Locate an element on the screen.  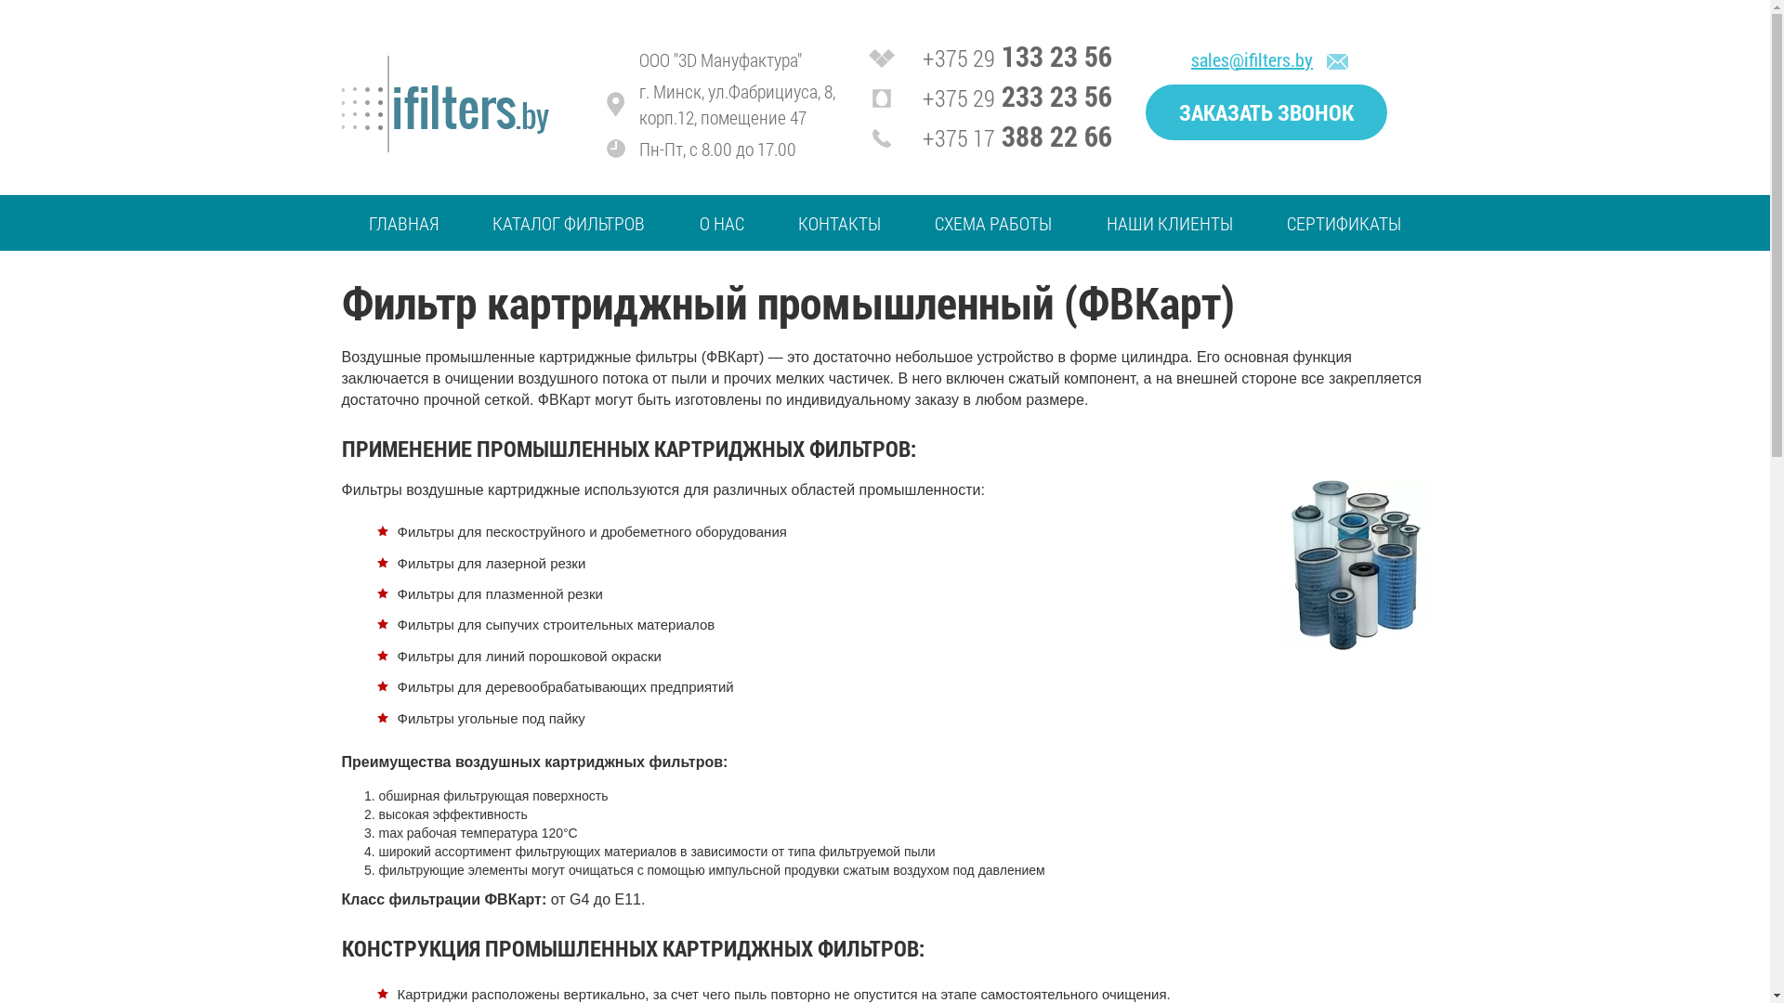
'sales@ifilters.by' is located at coordinates (1252, 59).